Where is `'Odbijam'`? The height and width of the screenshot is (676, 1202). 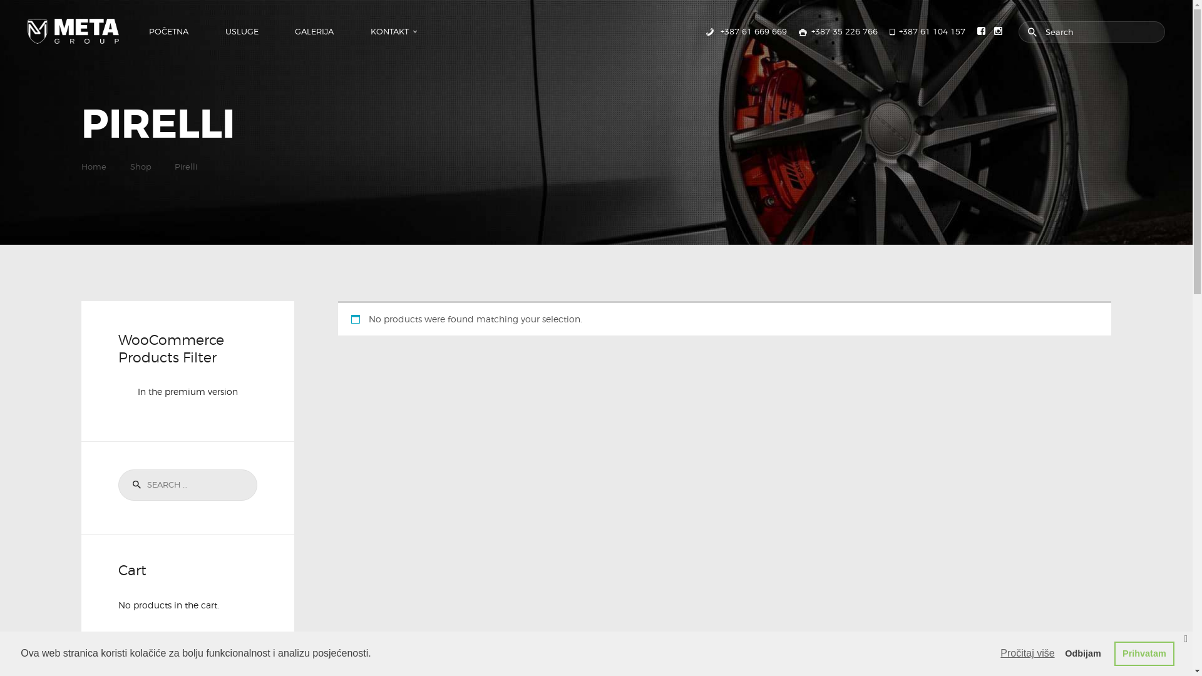
'Odbijam' is located at coordinates (1056, 653).